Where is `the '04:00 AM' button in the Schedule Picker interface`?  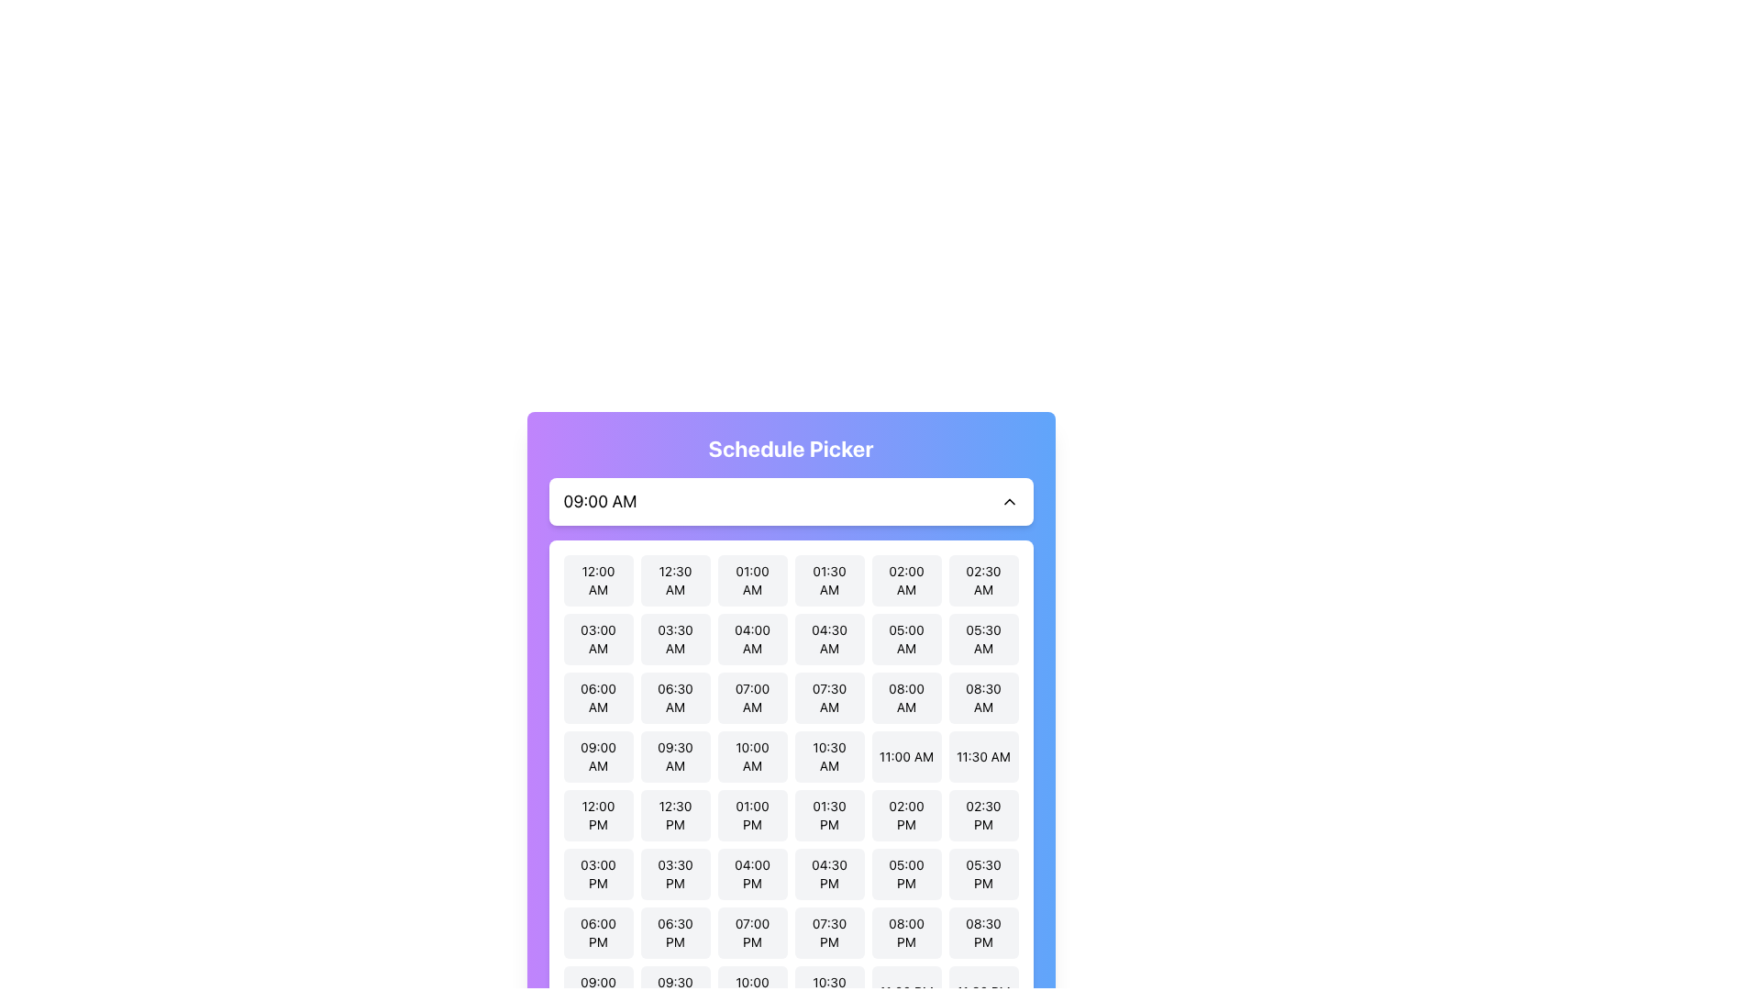 the '04:00 AM' button in the Schedule Picker interface is located at coordinates (752, 639).